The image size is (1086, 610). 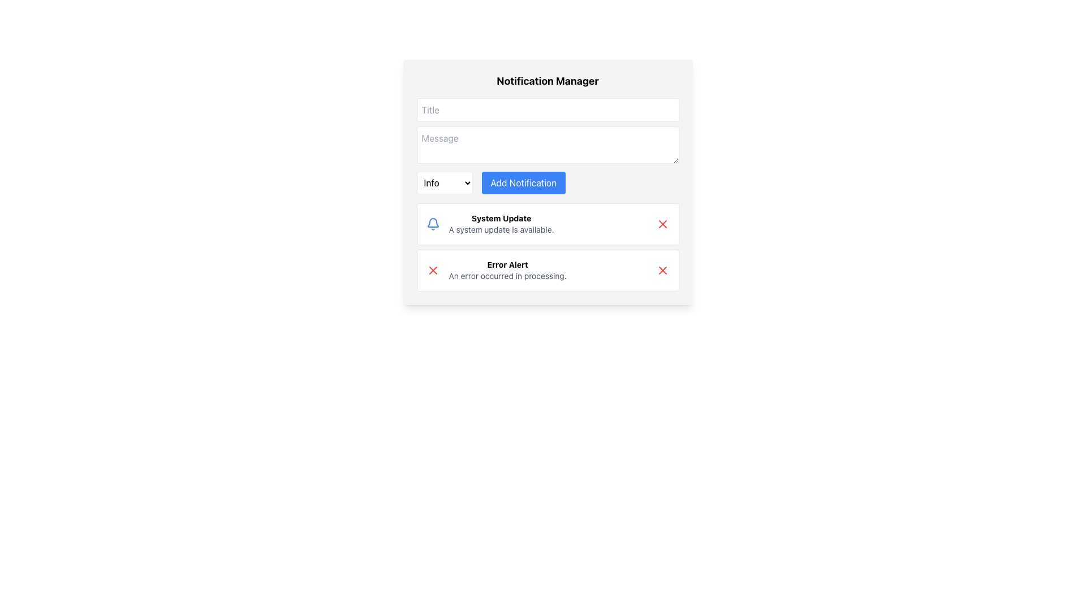 What do you see at coordinates (523, 182) in the screenshot?
I see `the button labeled 'Add Notification' with a blue background` at bounding box center [523, 182].